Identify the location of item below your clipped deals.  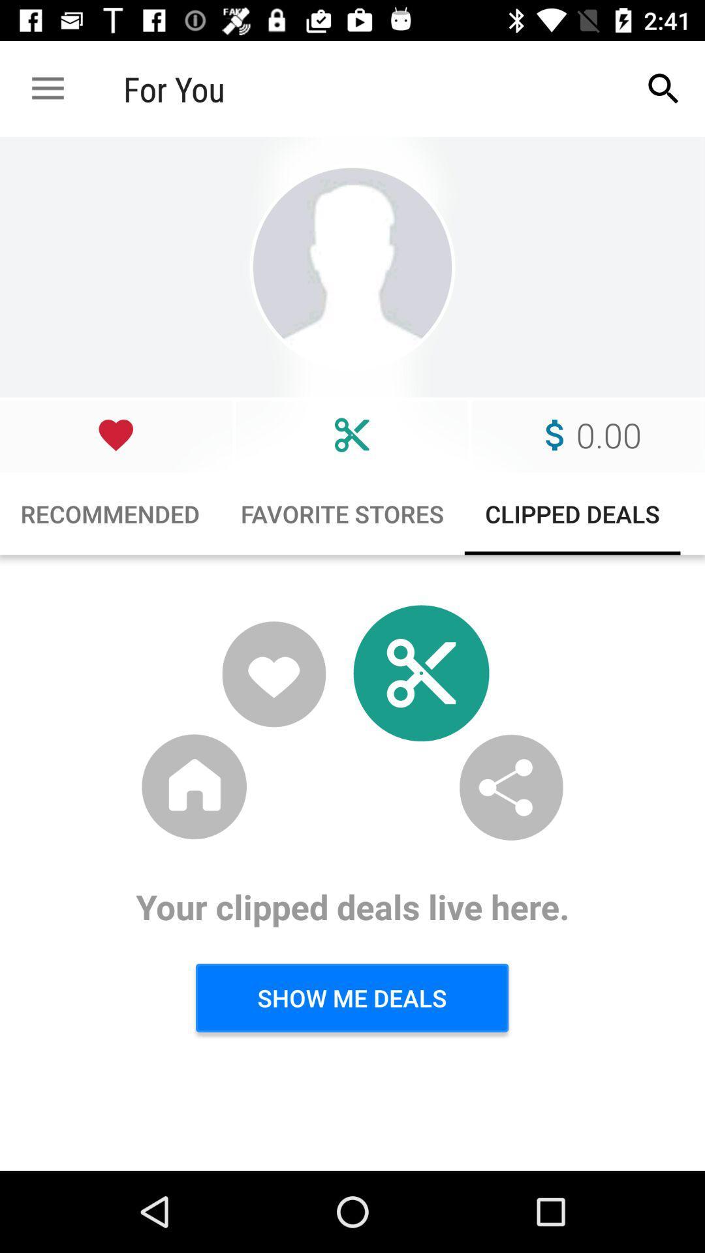
(351, 997).